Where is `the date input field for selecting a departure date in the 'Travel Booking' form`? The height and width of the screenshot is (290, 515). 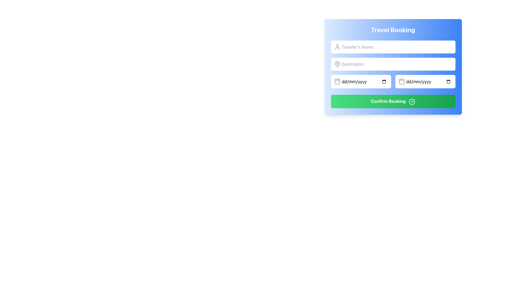 the date input field for selecting a departure date in the 'Travel Booking' form is located at coordinates (361, 82).